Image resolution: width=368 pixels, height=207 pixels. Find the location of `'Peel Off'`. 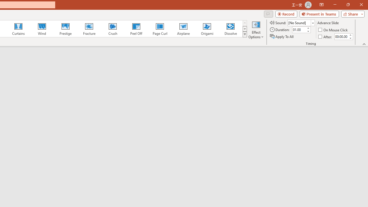

'Peel Off' is located at coordinates (136, 29).